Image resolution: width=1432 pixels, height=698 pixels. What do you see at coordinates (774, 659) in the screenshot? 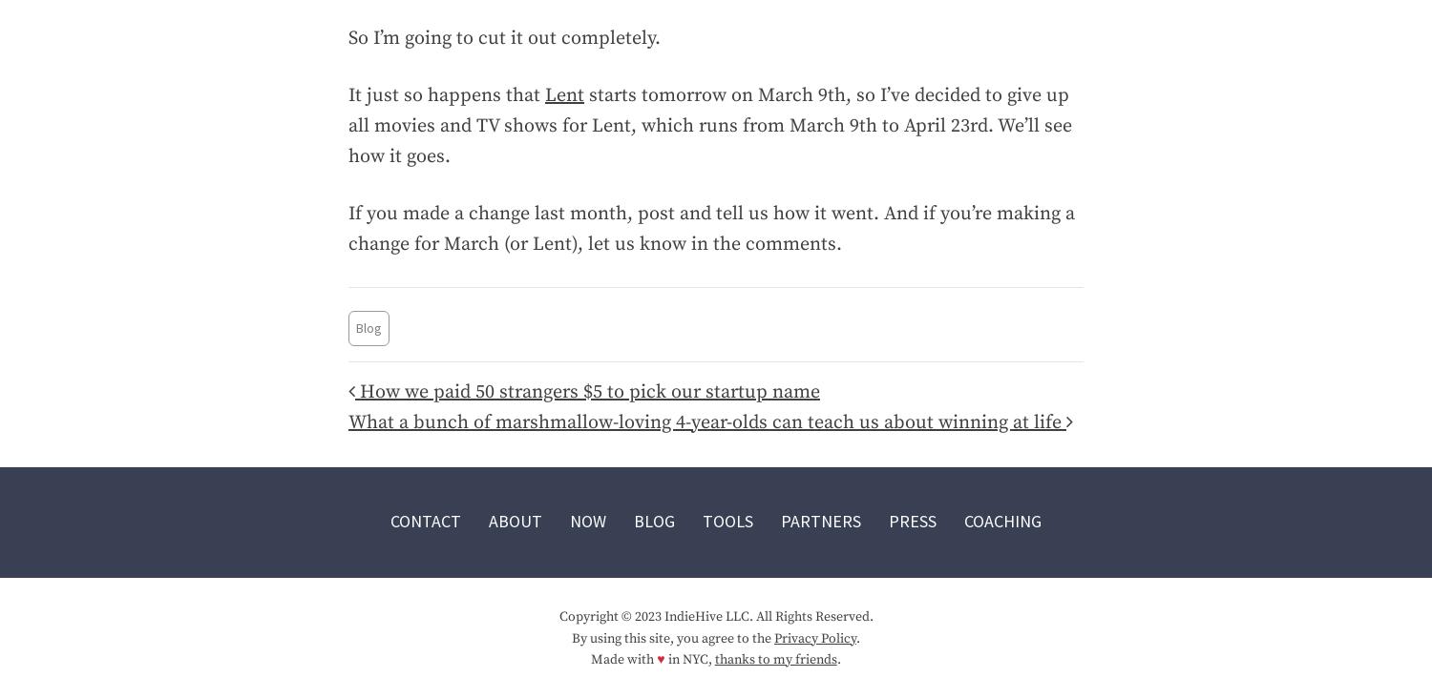
I see `'thanks to my friends'` at bounding box center [774, 659].